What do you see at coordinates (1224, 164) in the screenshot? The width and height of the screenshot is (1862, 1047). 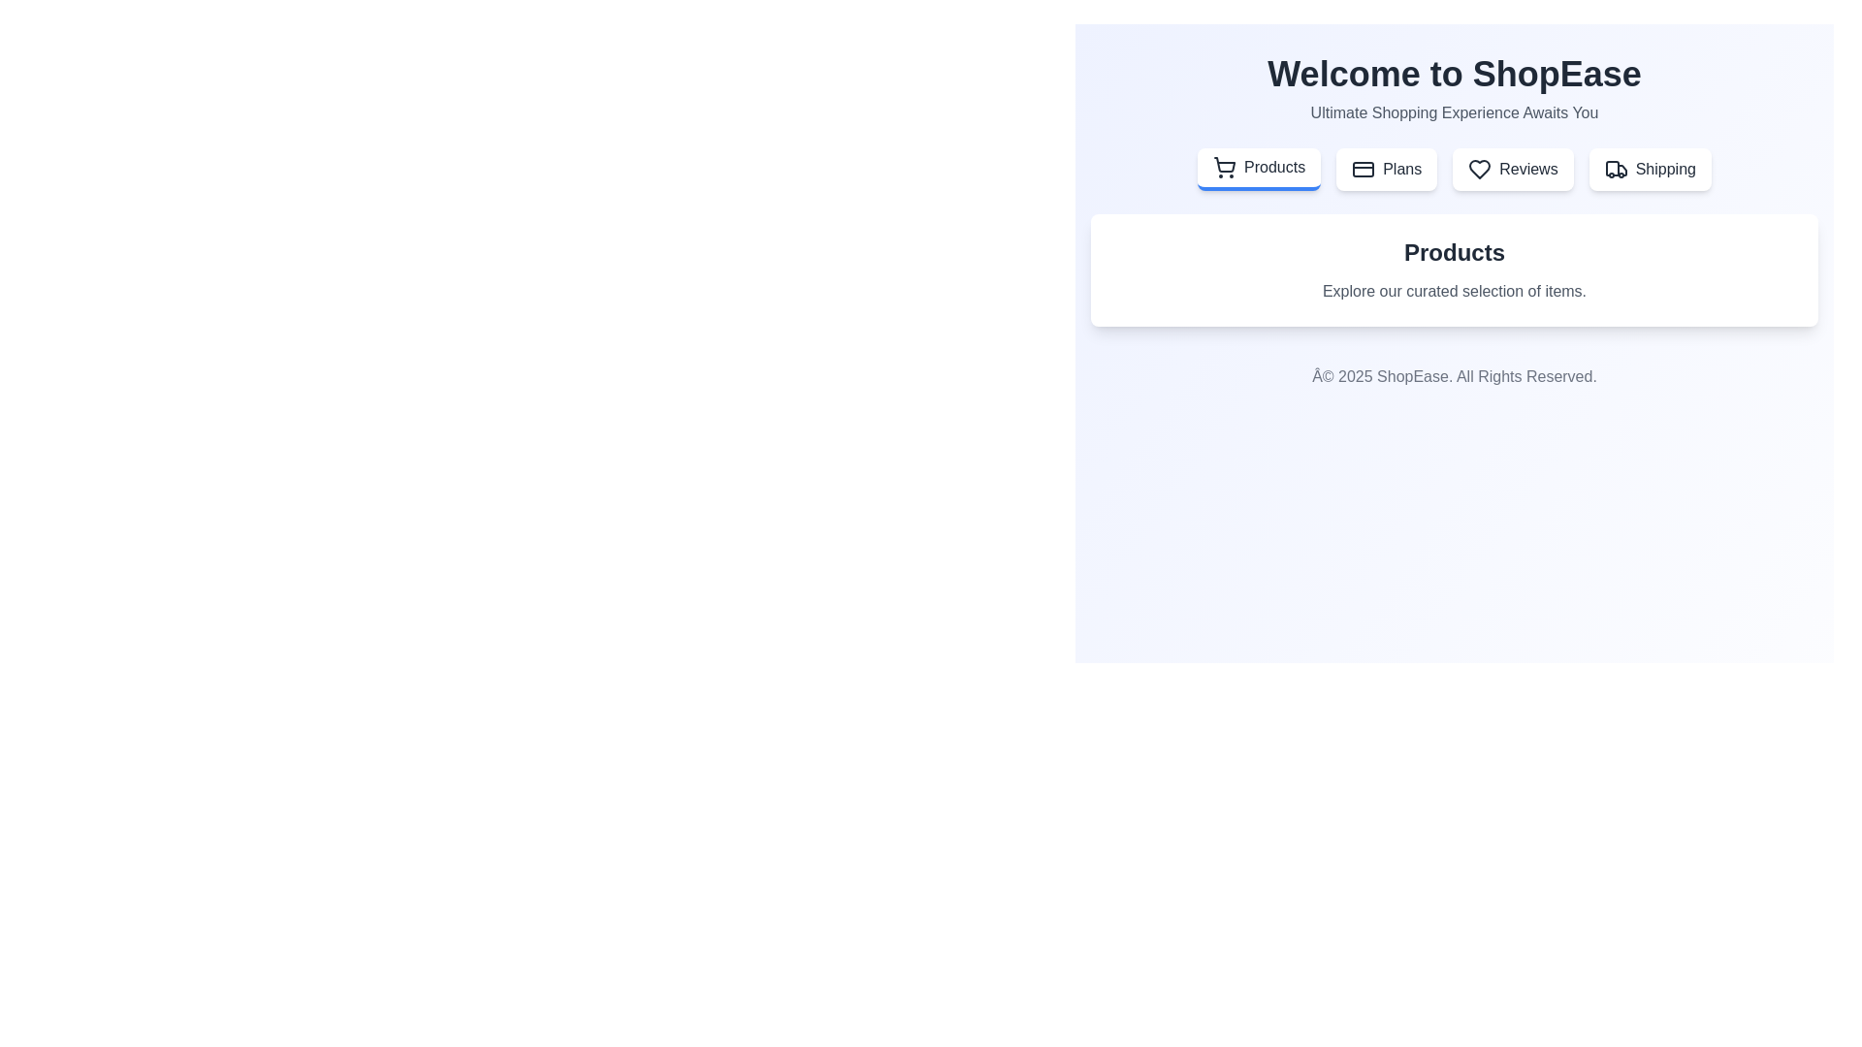 I see `the shopping cart icon, which is part of the first button in the horizontal navigation bar located above the 'Products' text` at bounding box center [1224, 164].